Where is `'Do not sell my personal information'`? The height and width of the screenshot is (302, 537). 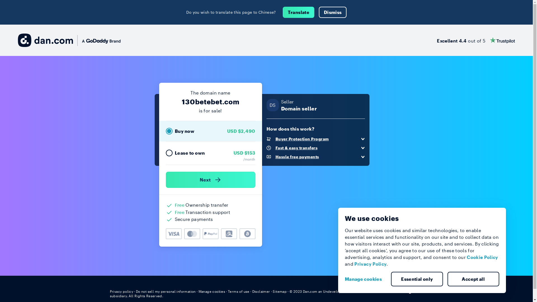 'Do not sell my personal information' is located at coordinates (166, 291).